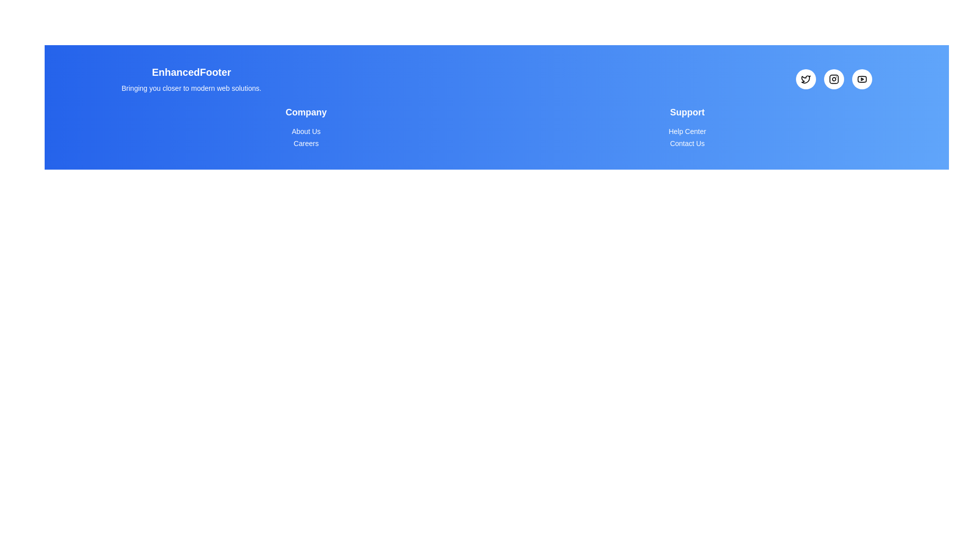 The width and height of the screenshot is (963, 542). What do you see at coordinates (305, 112) in the screenshot?
I see `the 'Company' label, which is styled with bold font and larger text size, located in the left section of the footer above the 'About Us' and 'Careers' links` at bounding box center [305, 112].